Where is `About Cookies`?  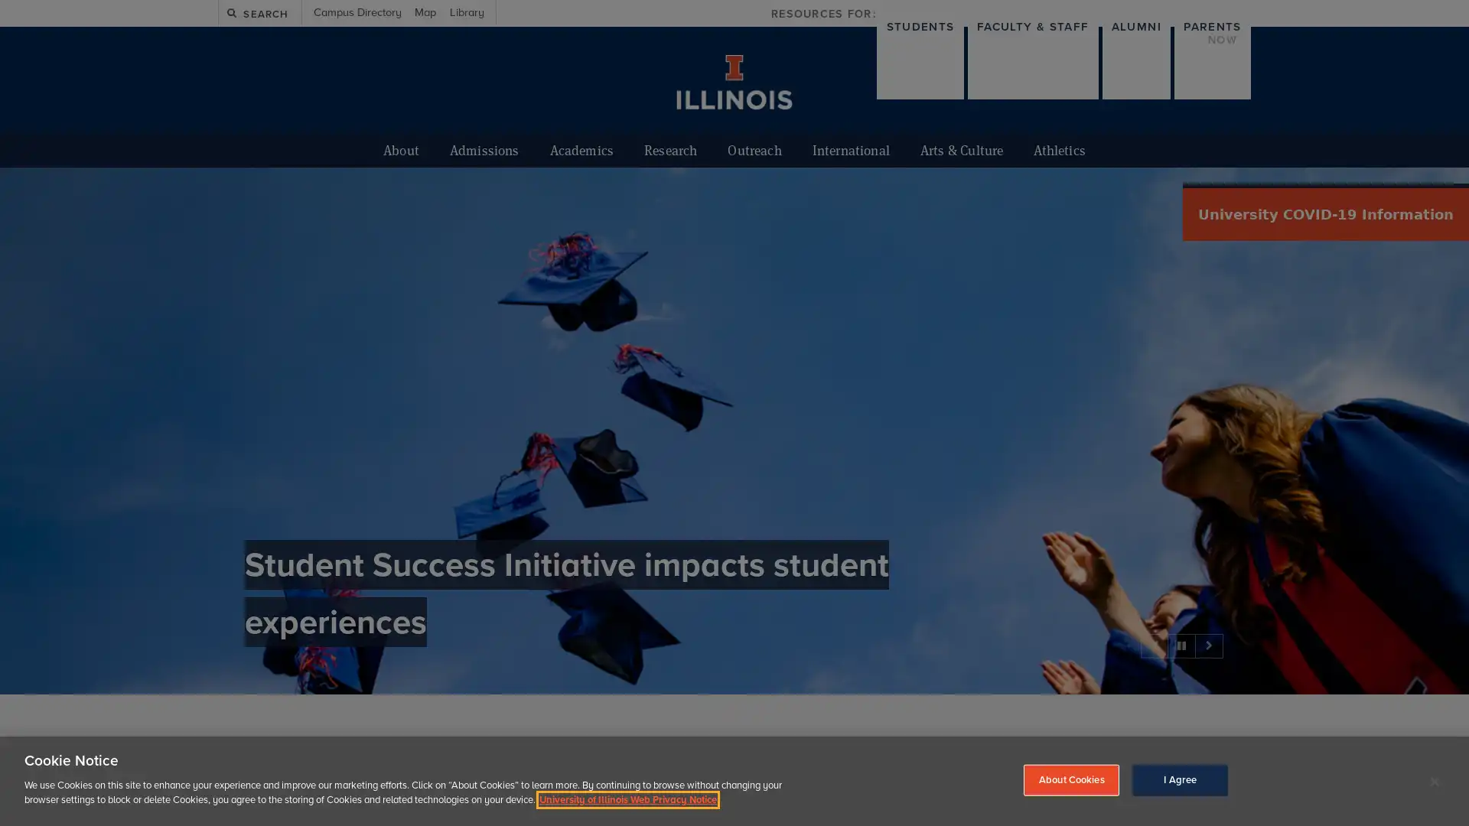
About Cookies is located at coordinates (1070, 779).